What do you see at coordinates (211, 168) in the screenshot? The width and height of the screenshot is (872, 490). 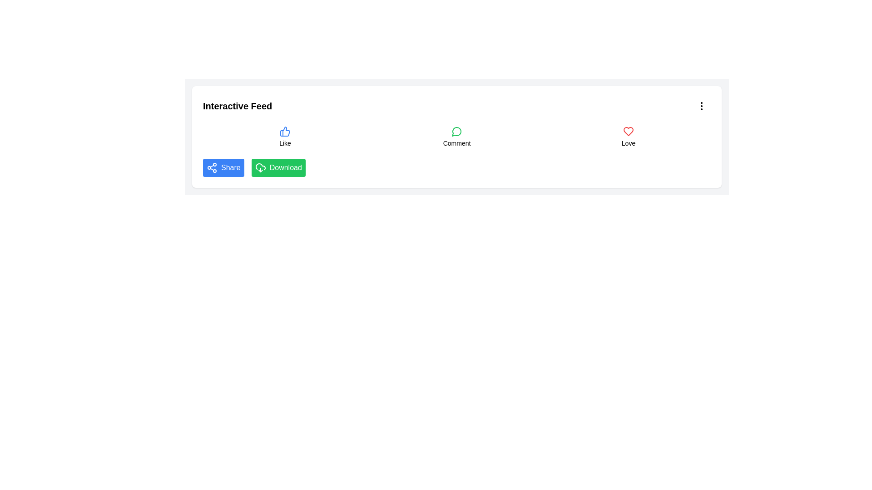 I see `the interconnected circles icon on the blue 'Share' button located at the bottom left corner of the Interactive Feed` at bounding box center [211, 168].